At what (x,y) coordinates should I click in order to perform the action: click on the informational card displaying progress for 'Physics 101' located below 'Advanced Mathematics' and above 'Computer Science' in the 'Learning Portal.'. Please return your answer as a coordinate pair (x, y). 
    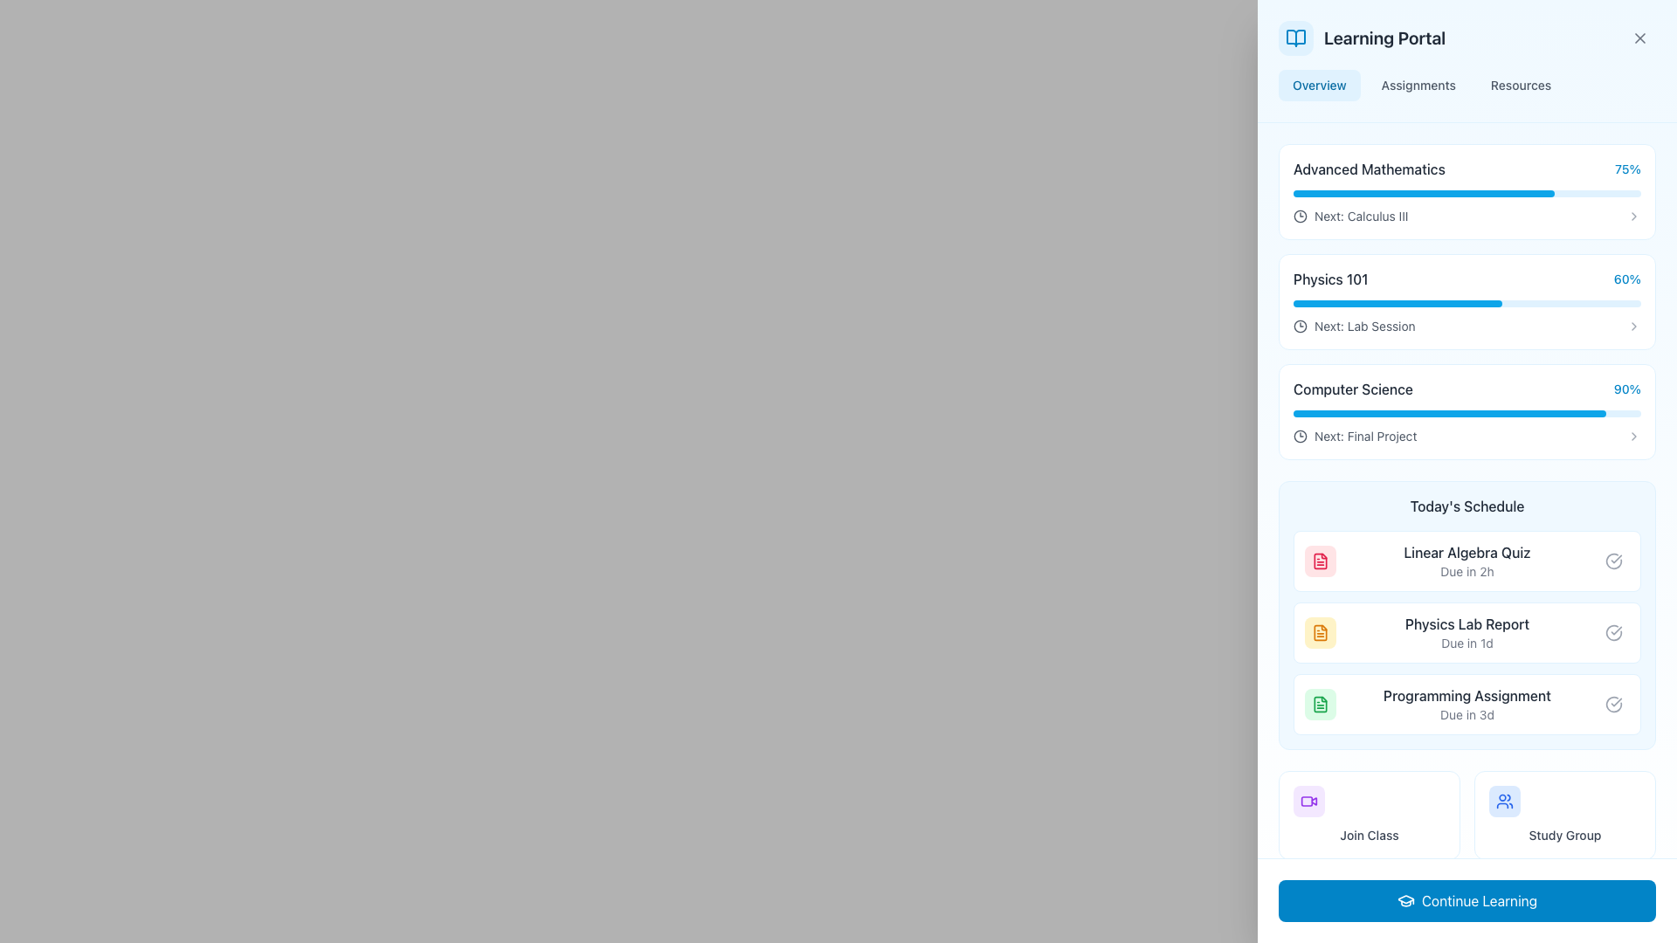
    Looking at the image, I should click on (1467, 301).